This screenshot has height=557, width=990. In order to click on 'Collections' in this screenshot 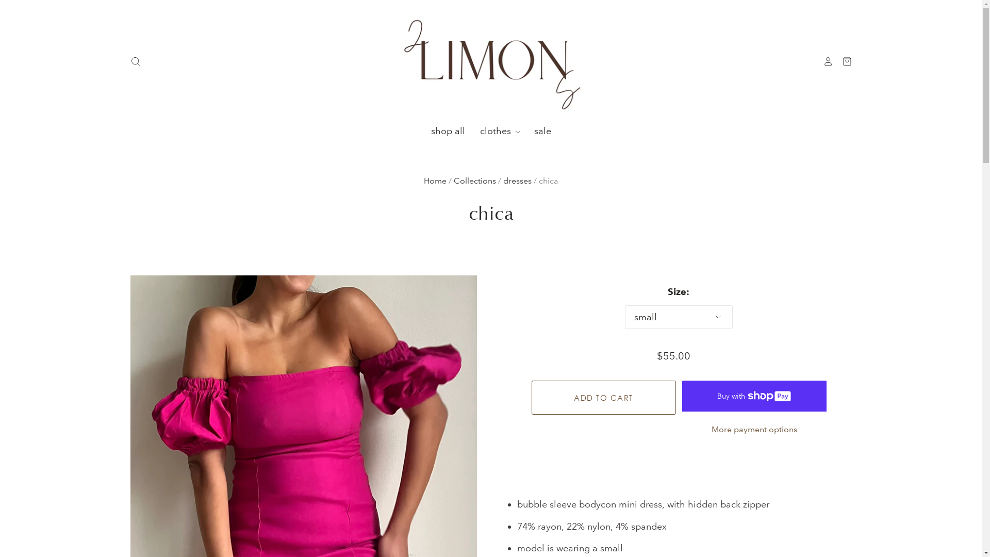, I will do `click(474, 180)`.